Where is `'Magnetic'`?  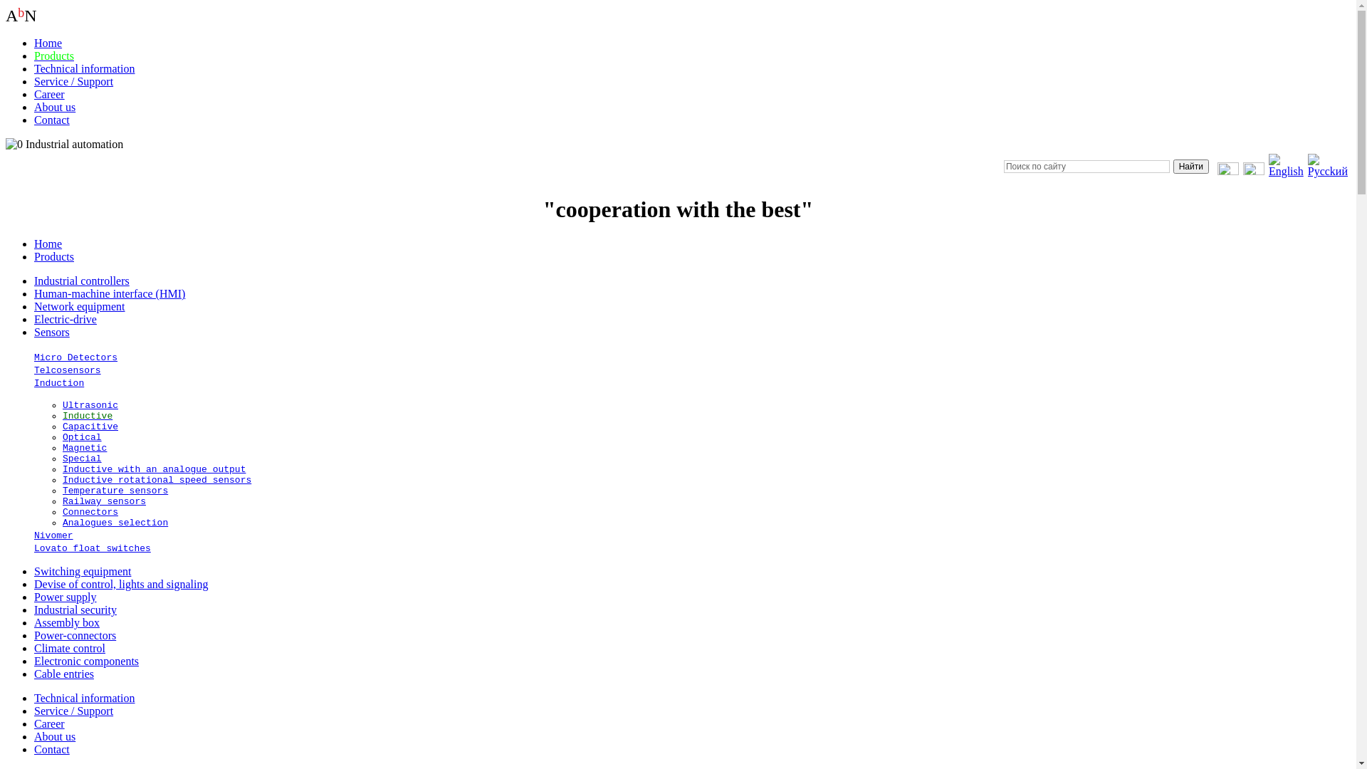 'Magnetic' is located at coordinates (84, 447).